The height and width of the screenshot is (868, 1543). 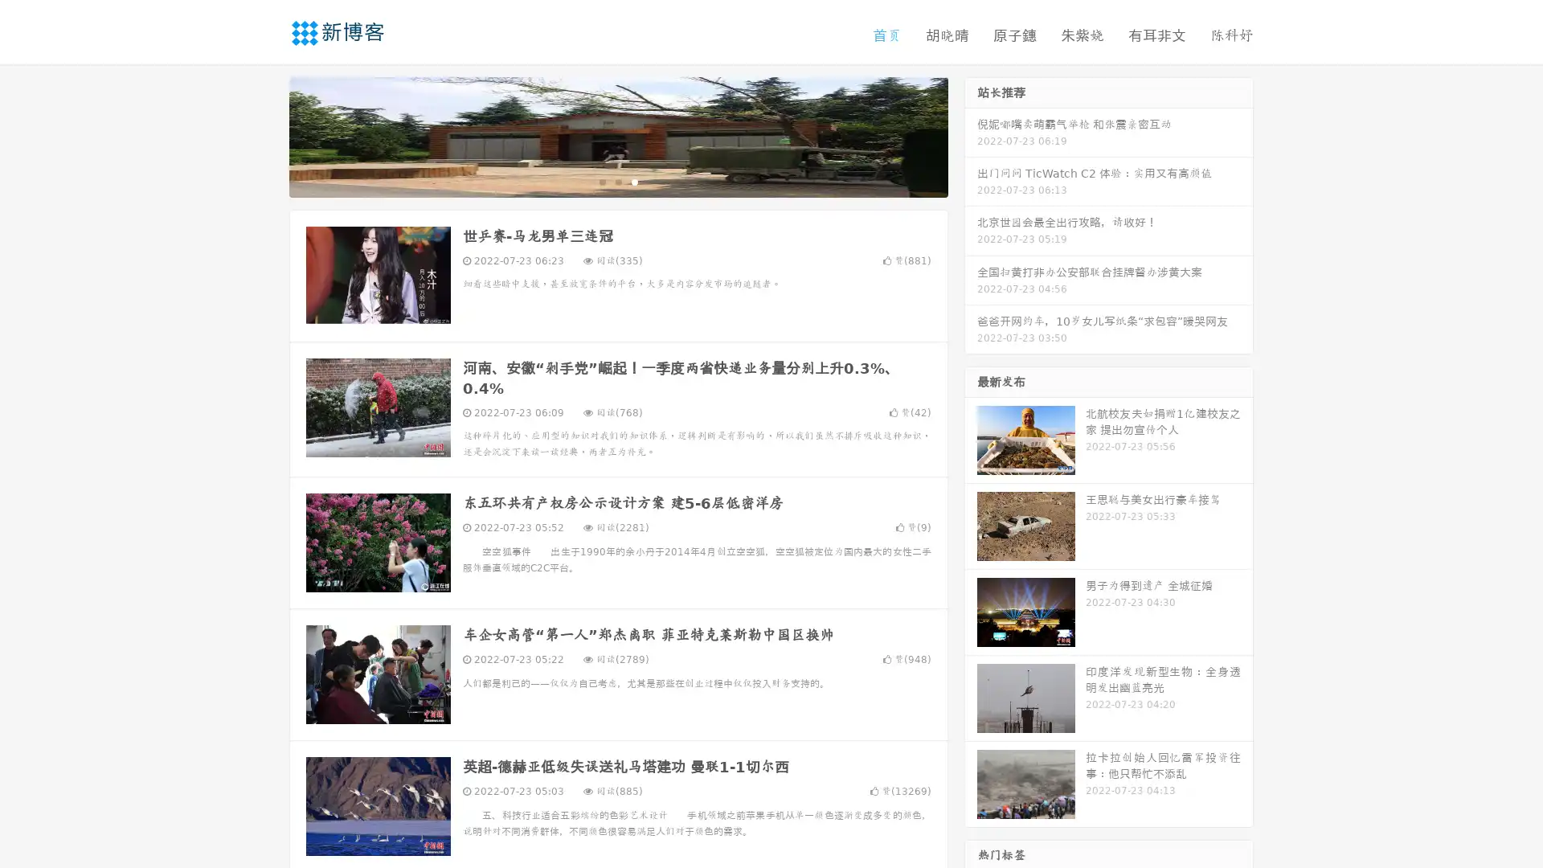 What do you see at coordinates (634, 181) in the screenshot?
I see `Go to slide 3` at bounding box center [634, 181].